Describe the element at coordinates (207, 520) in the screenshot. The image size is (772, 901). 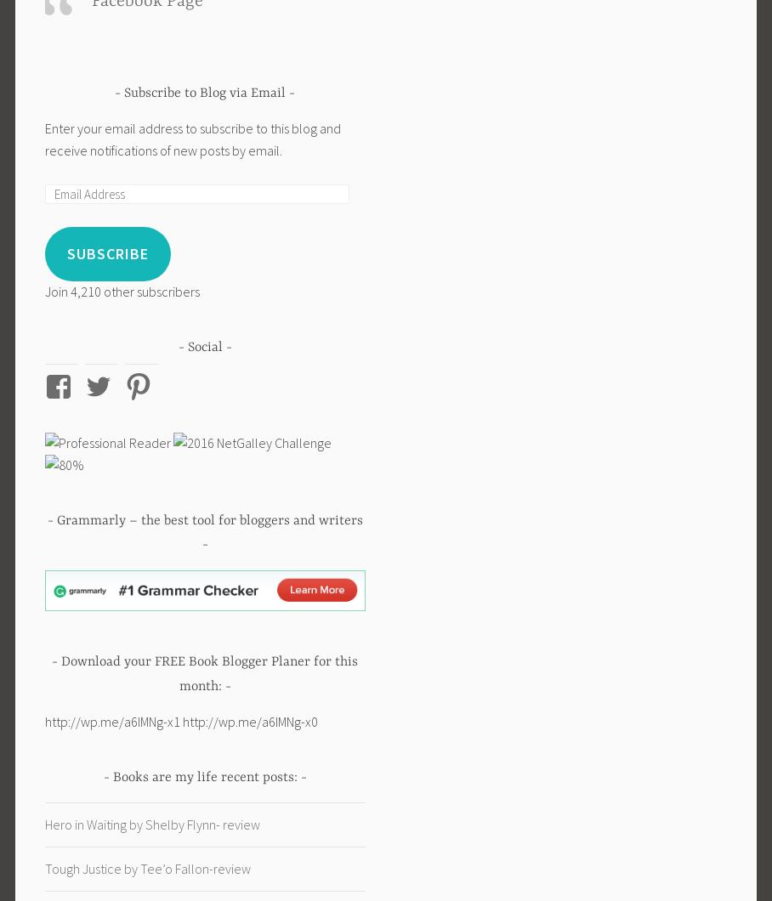
I see `'Grammarly – the best tool for bloggers and writers'` at that location.